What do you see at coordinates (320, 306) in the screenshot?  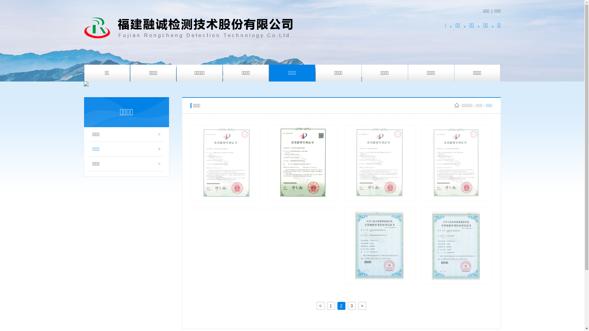 I see `'<'` at bounding box center [320, 306].